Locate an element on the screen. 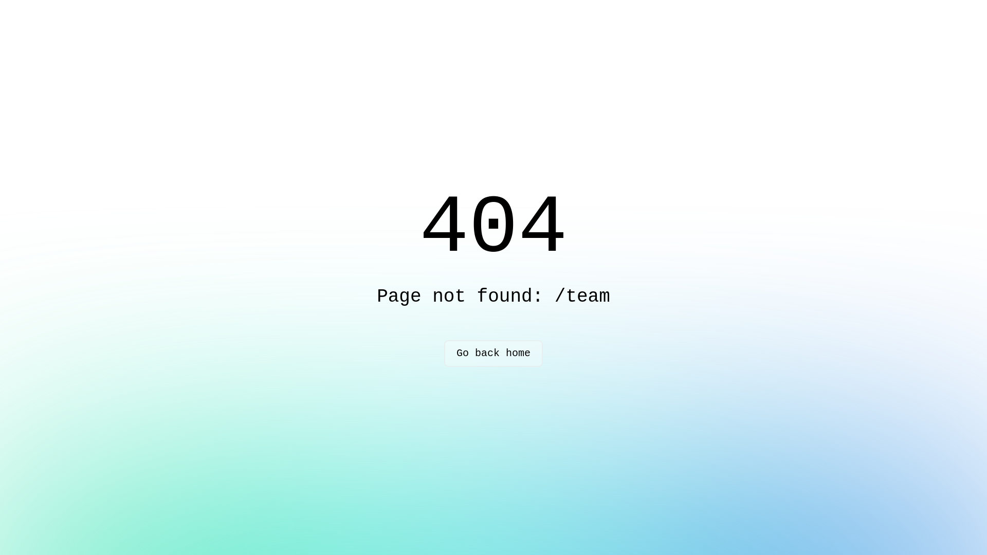 This screenshot has height=555, width=987. 'Go back home' is located at coordinates (493, 353).